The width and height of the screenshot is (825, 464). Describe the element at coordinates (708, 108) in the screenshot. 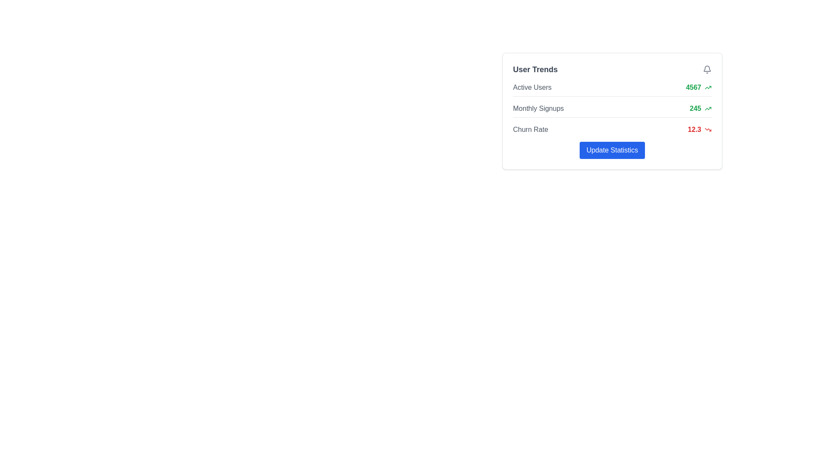

I see `the small upward trending arrow icon with a green outline located to the right of the numeric value '245' in the 'Monthly Signups' row of the 'User Trends' panel` at that location.